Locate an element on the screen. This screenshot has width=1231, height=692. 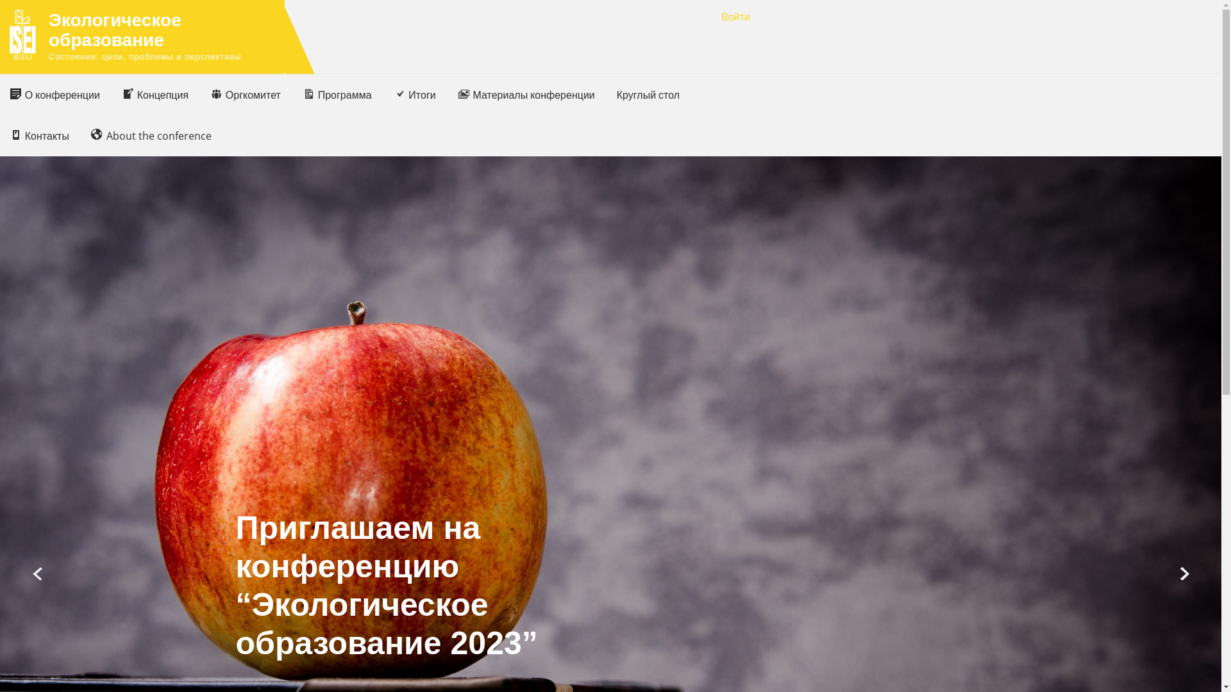
'Prev' is located at coordinates (24, 573).